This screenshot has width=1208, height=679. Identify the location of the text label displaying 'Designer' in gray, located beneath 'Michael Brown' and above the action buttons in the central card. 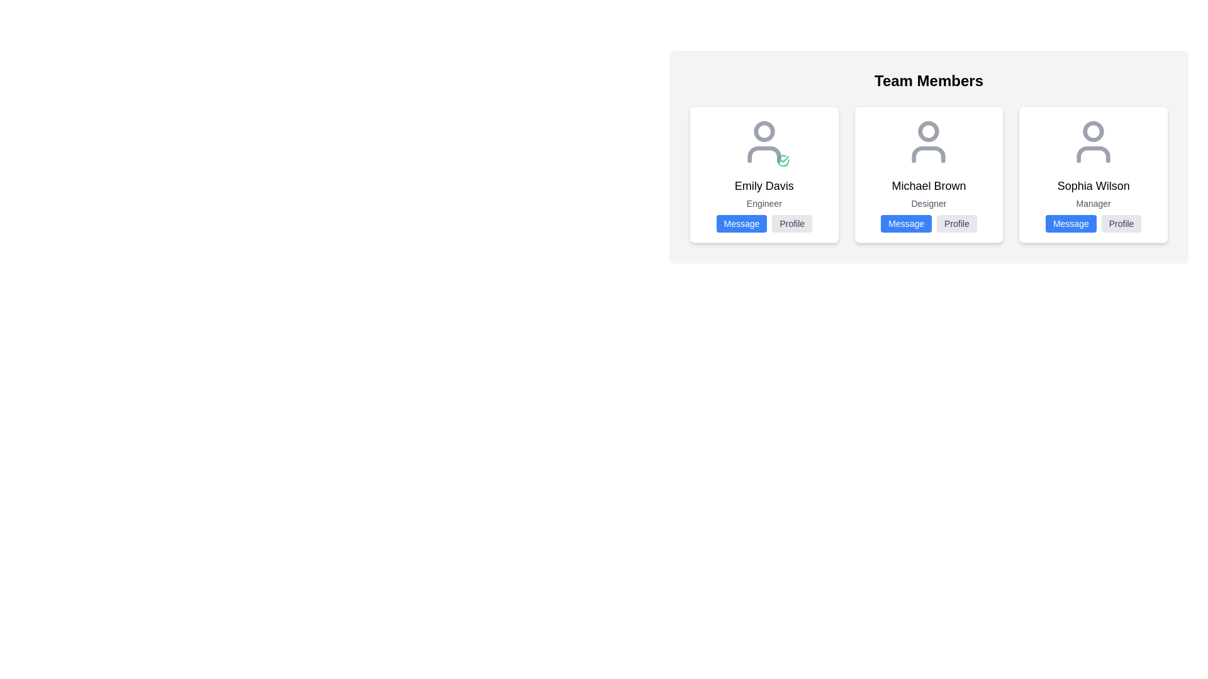
(929, 203).